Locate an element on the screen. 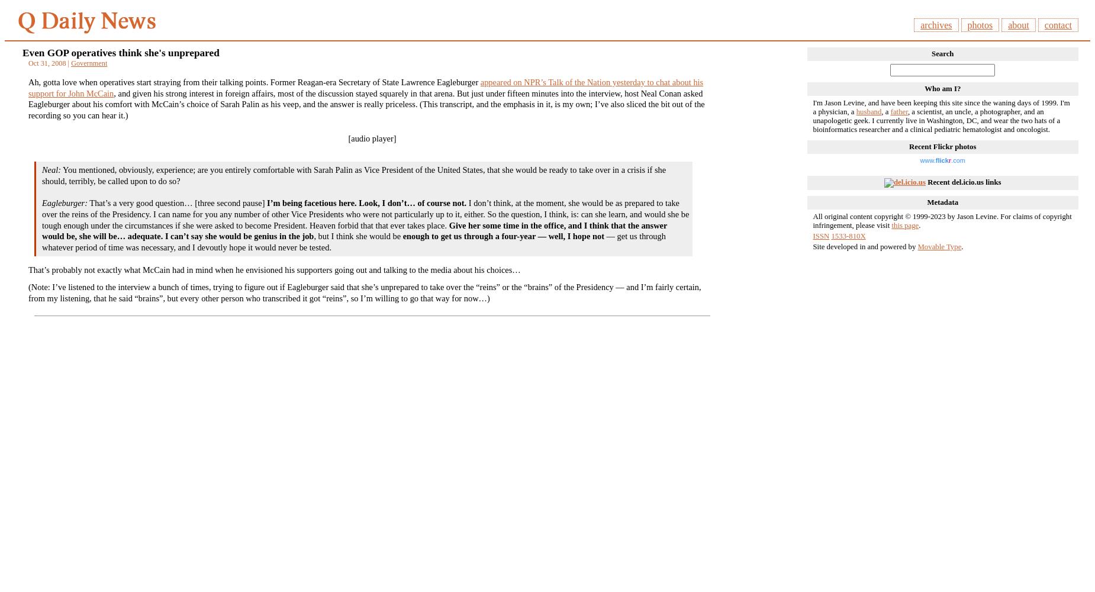 This screenshot has height=592, width=1095. '[audio player]' is located at coordinates (372, 137).